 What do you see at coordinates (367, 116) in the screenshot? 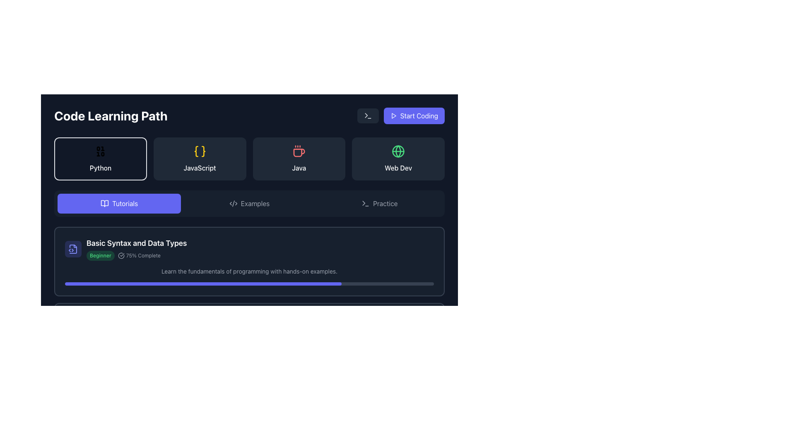
I see `the button with an icon that opens the terminal, located to the left of the 'Start Coding' button in the top-right section of the interface` at bounding box center [367, 116].